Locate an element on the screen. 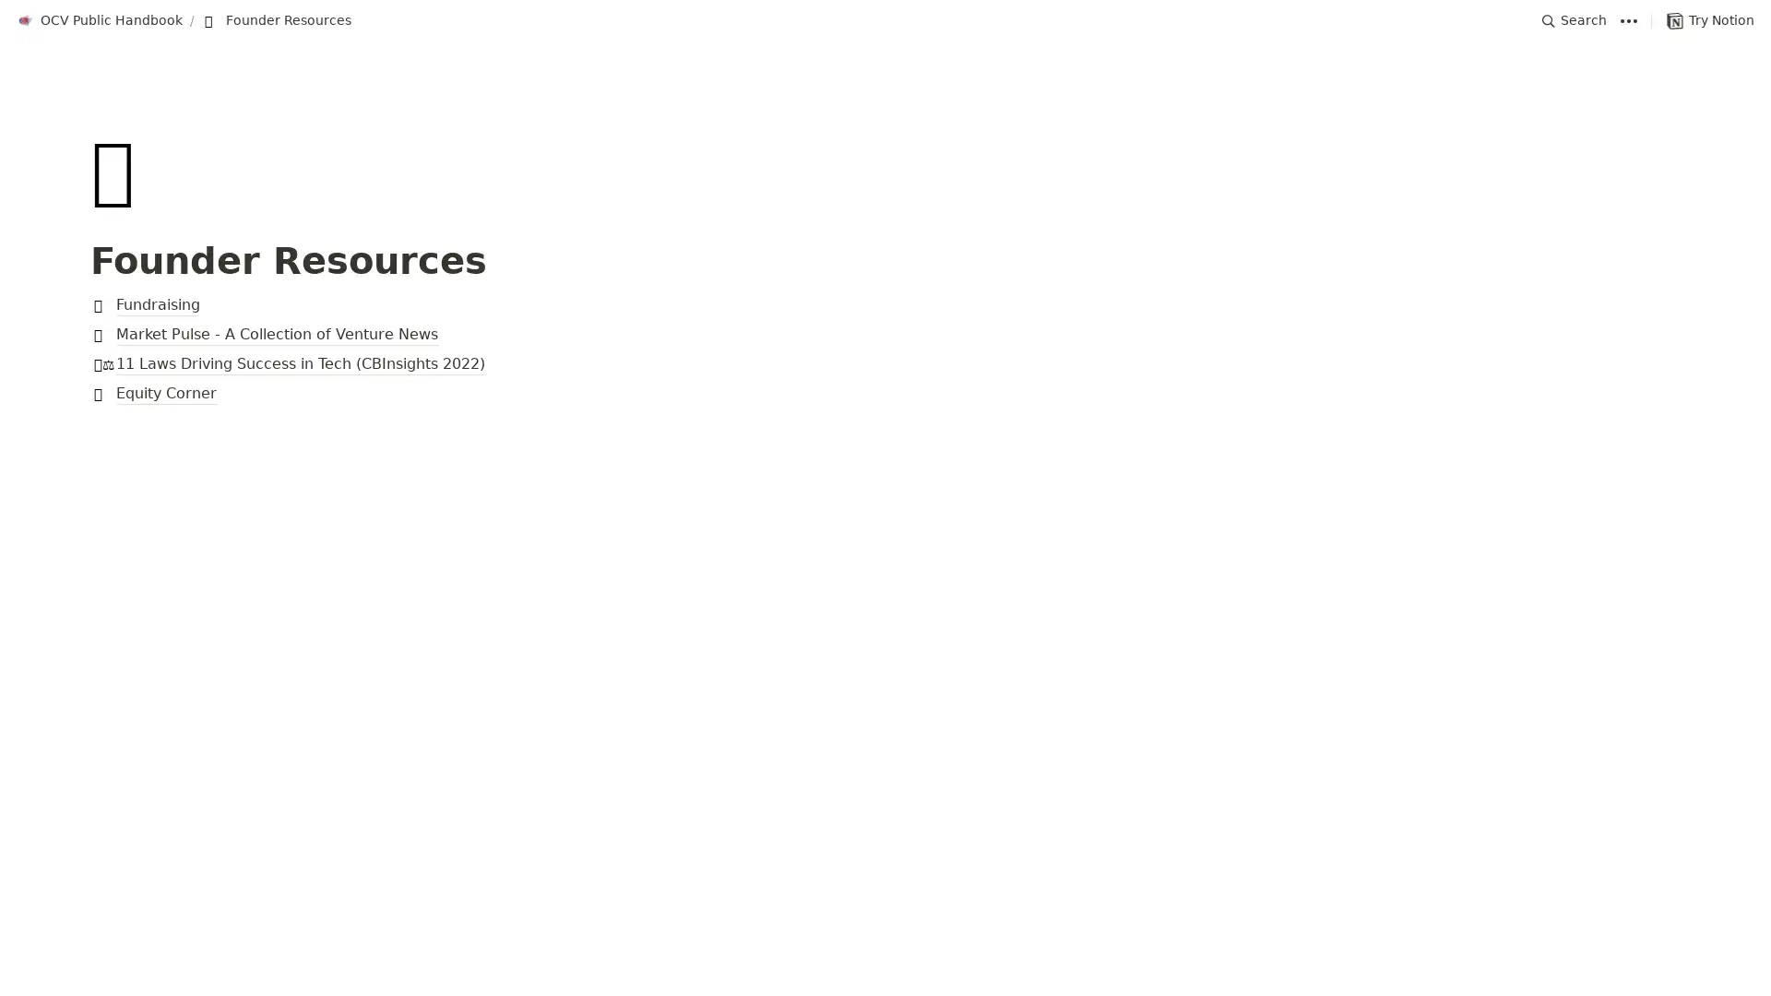 The height and width of the screenshot is (996, 1771). Try Notion is located at coordinates (1709, 20).